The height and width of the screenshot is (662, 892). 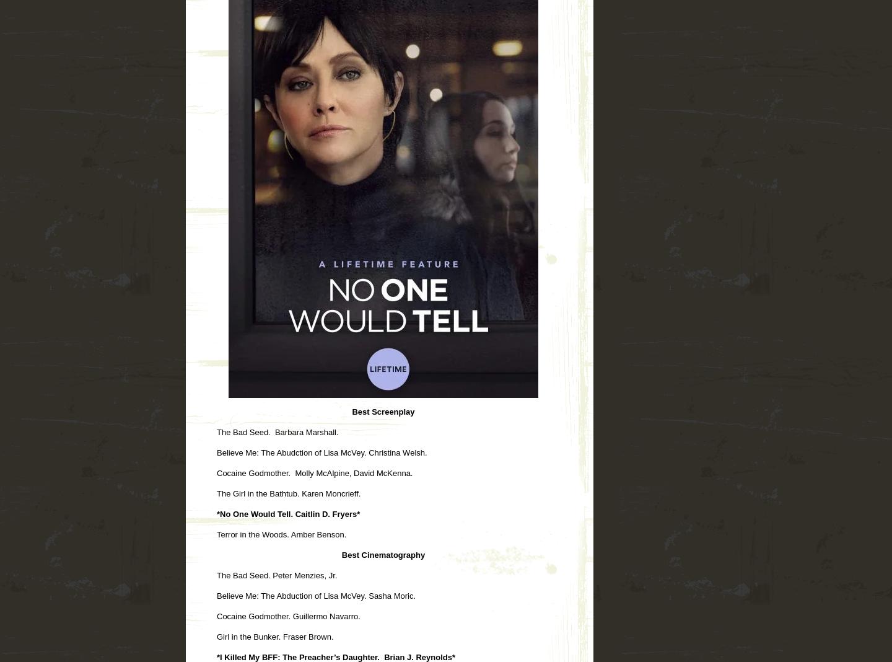 What do you see at coordinates (288, 513) in the screenshot?
I see `'*No One Would Tell. Caitlin D. Fryers*'` at bounding box center [288, 513].